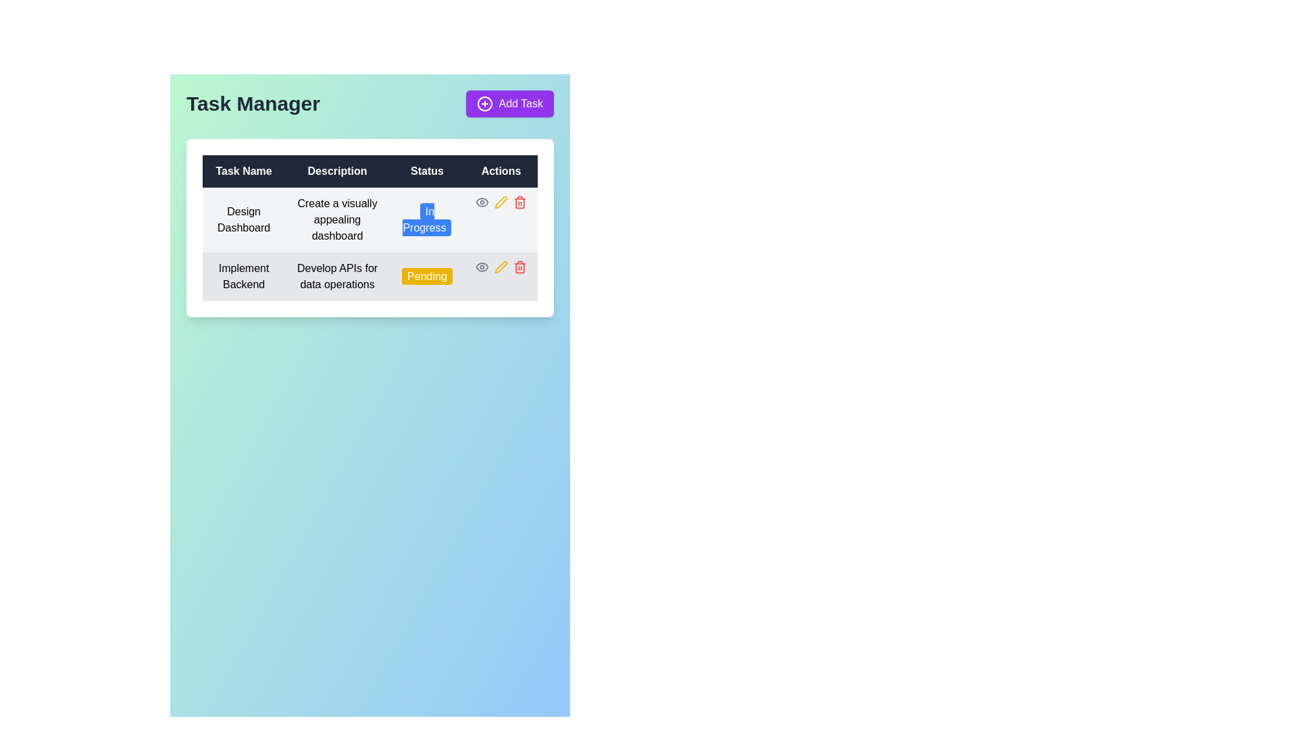 The width and height of the screenshot is (1297, 729). What do you see at coordinates (500, 202) in the screenshot?
I see `the yellow edit icon button located in the 'Actions' column next to the task labeled 'Implement Backend' to initiate task editing` at bounding box center [500, 202].